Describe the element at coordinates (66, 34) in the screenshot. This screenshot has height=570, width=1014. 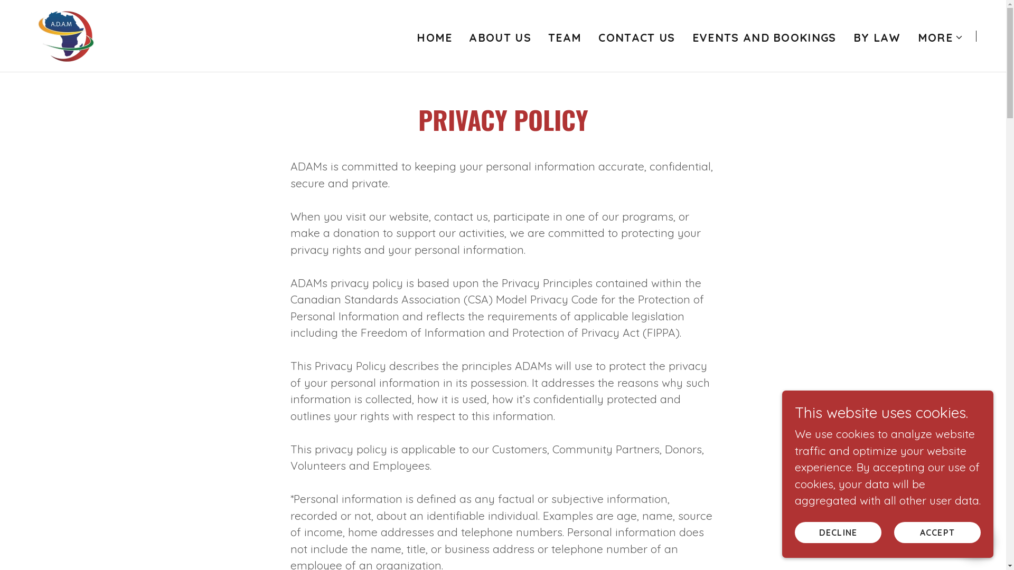
I see `'African Diaspora Association of the Maritimes'` at that location.